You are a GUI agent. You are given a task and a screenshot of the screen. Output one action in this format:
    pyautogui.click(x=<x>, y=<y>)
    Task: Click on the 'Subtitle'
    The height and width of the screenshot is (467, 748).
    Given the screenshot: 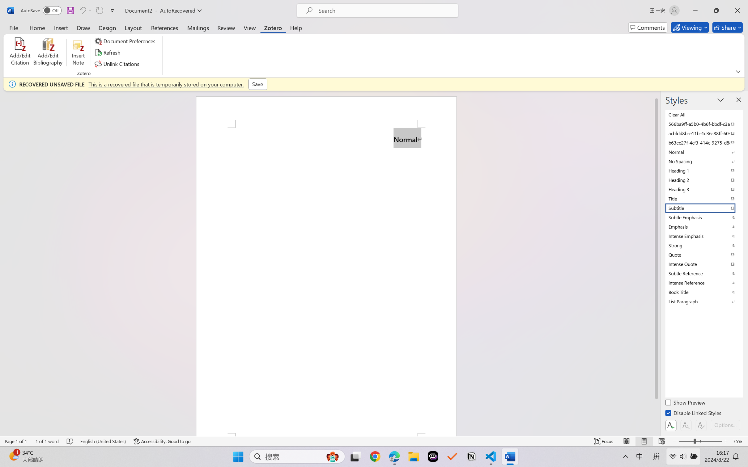 What is the action you would take?
    pyautogui.click(x=703, y=208)
    